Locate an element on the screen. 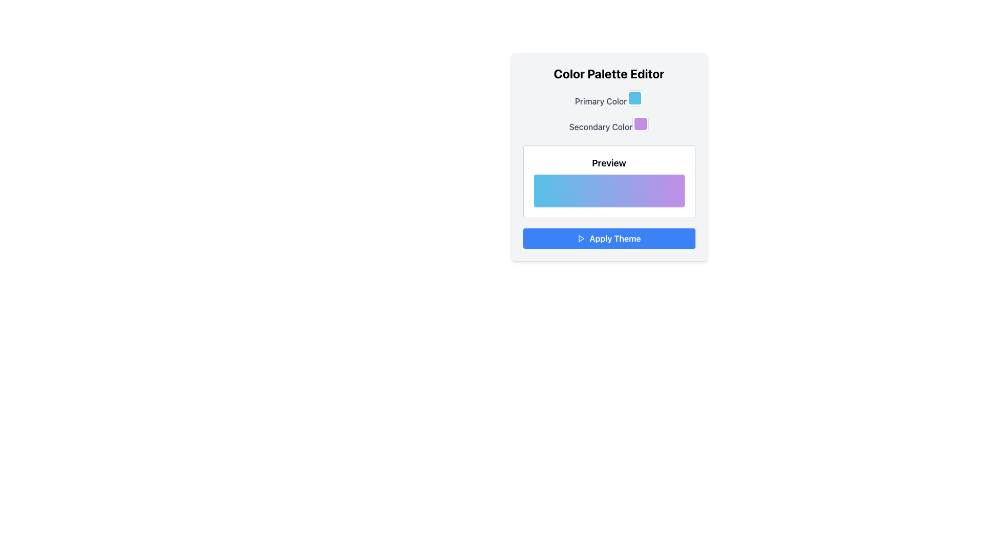  the 'Apply Theme' button, which is a rectangular button with rounded corners, blue background, and bold white text, located at the bottom of the Color Palette Editor interface is located at coordinates (609, 239).